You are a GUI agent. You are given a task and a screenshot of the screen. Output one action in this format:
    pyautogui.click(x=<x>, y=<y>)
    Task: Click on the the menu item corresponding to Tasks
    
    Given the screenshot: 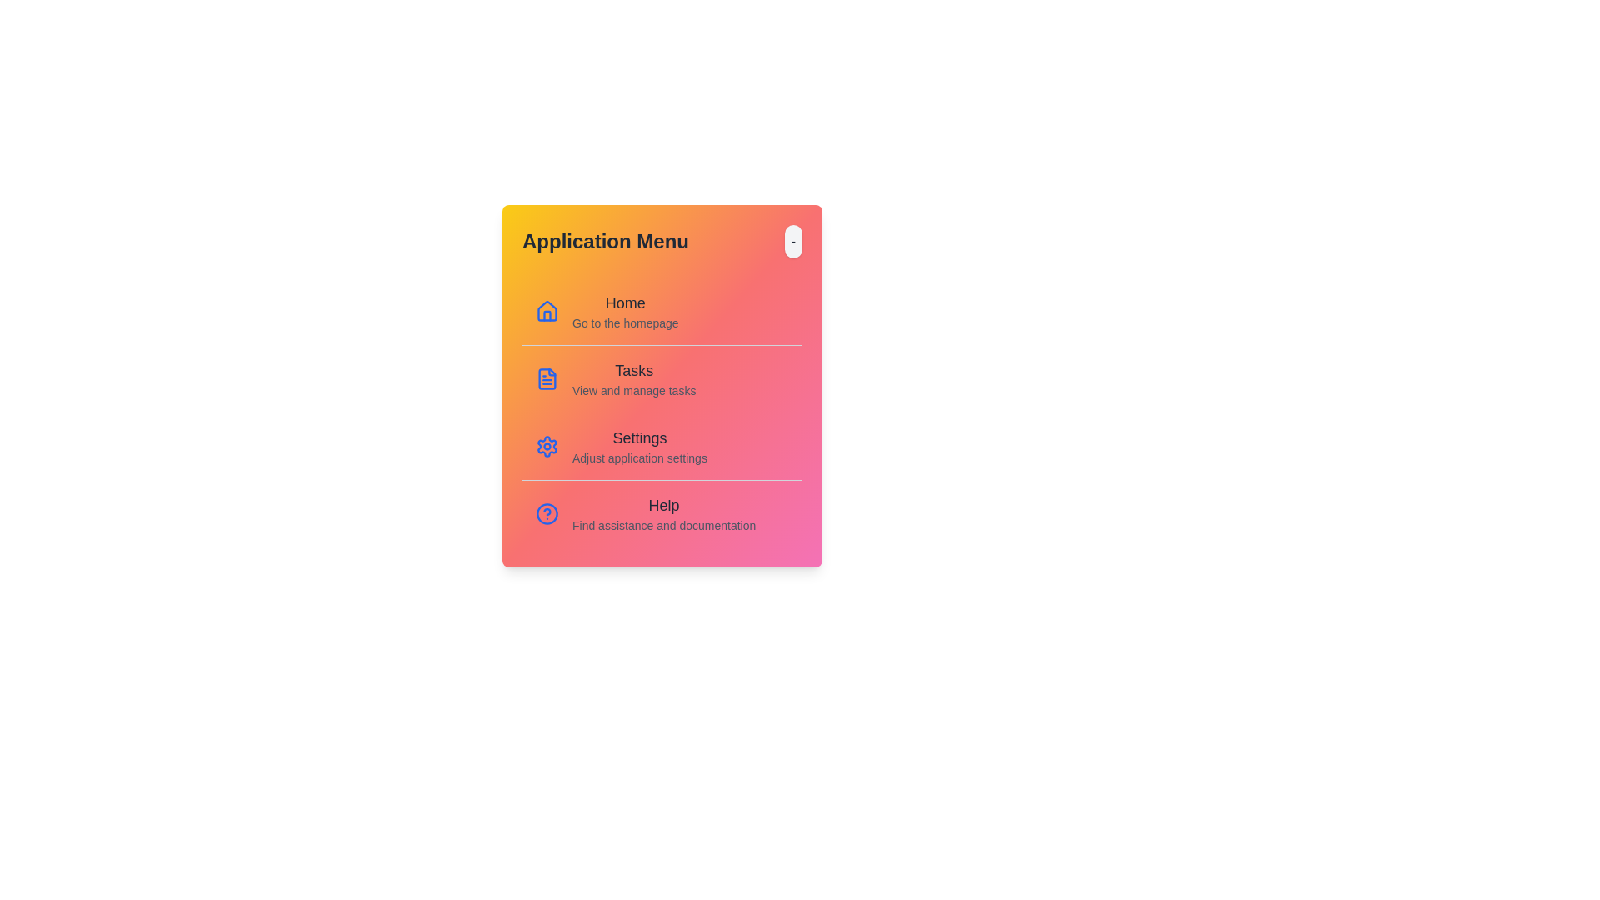 What is the action you would take?
    pyautogui.click(x=662, y=378)
    